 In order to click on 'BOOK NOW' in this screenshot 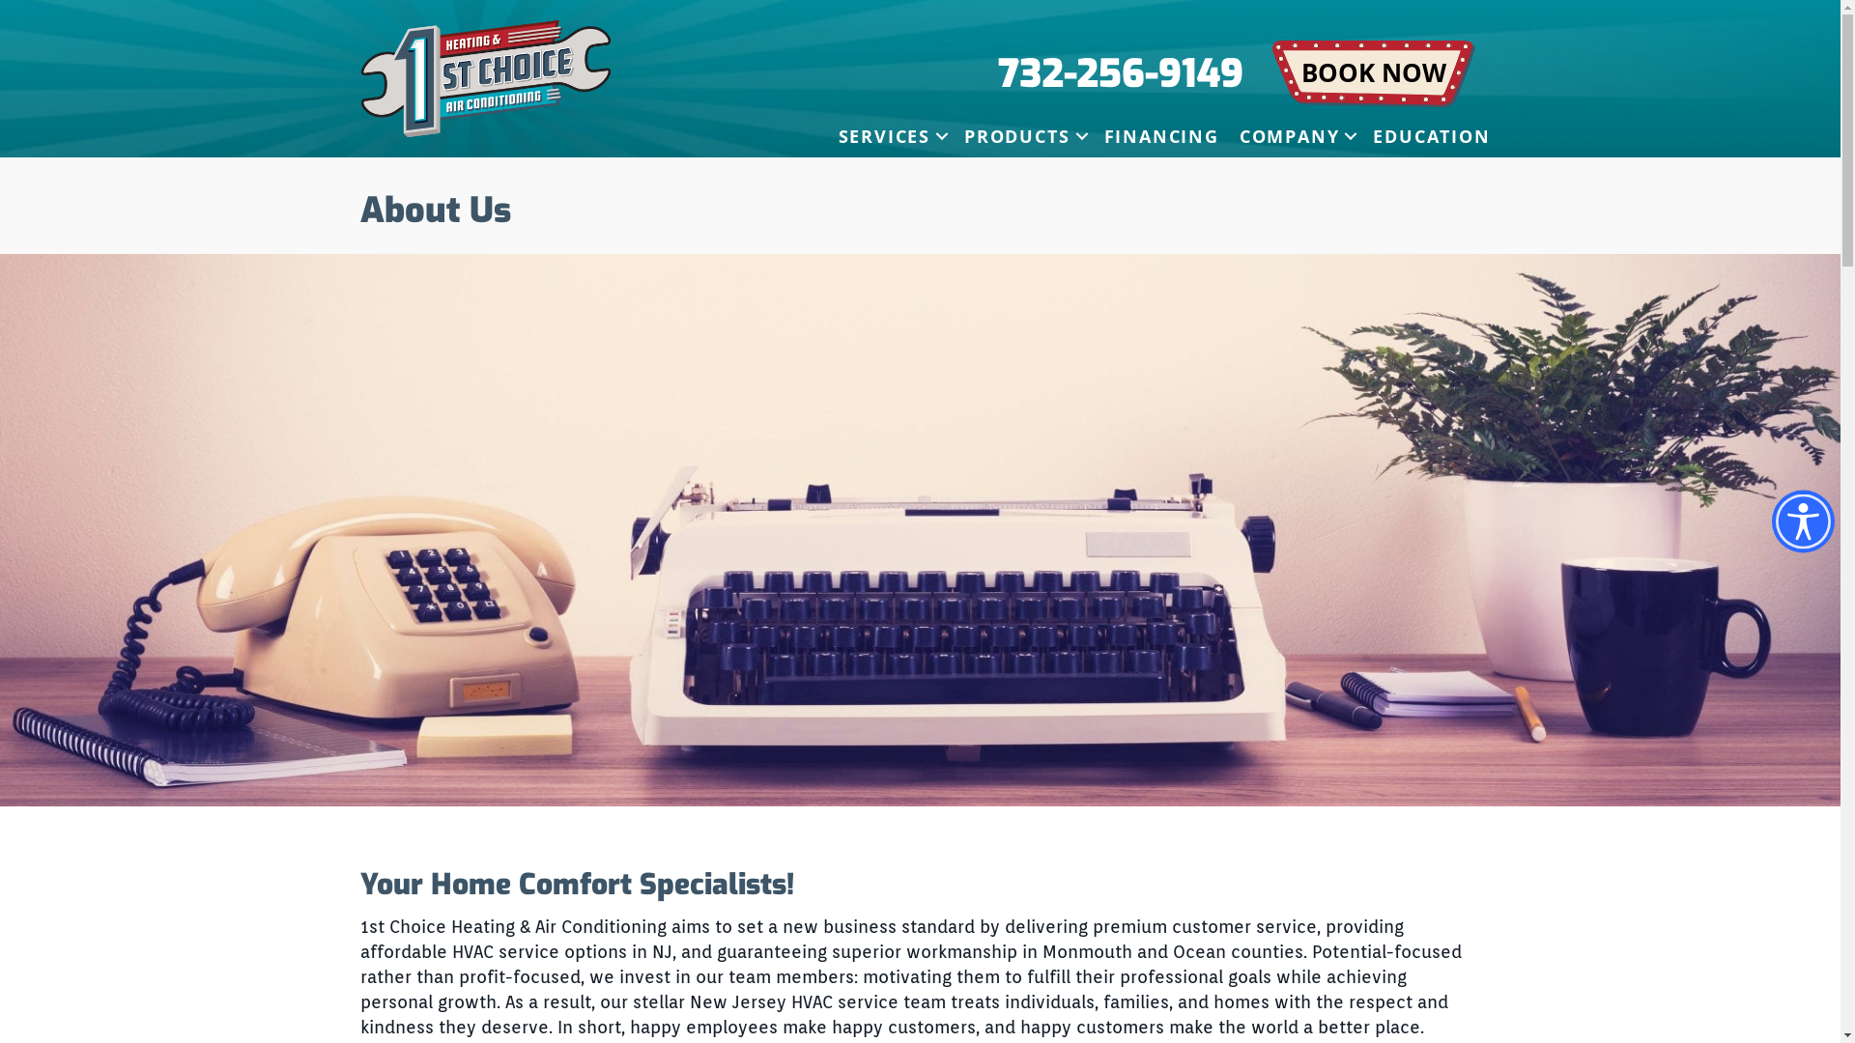, I will do `click(1372, 73)`.